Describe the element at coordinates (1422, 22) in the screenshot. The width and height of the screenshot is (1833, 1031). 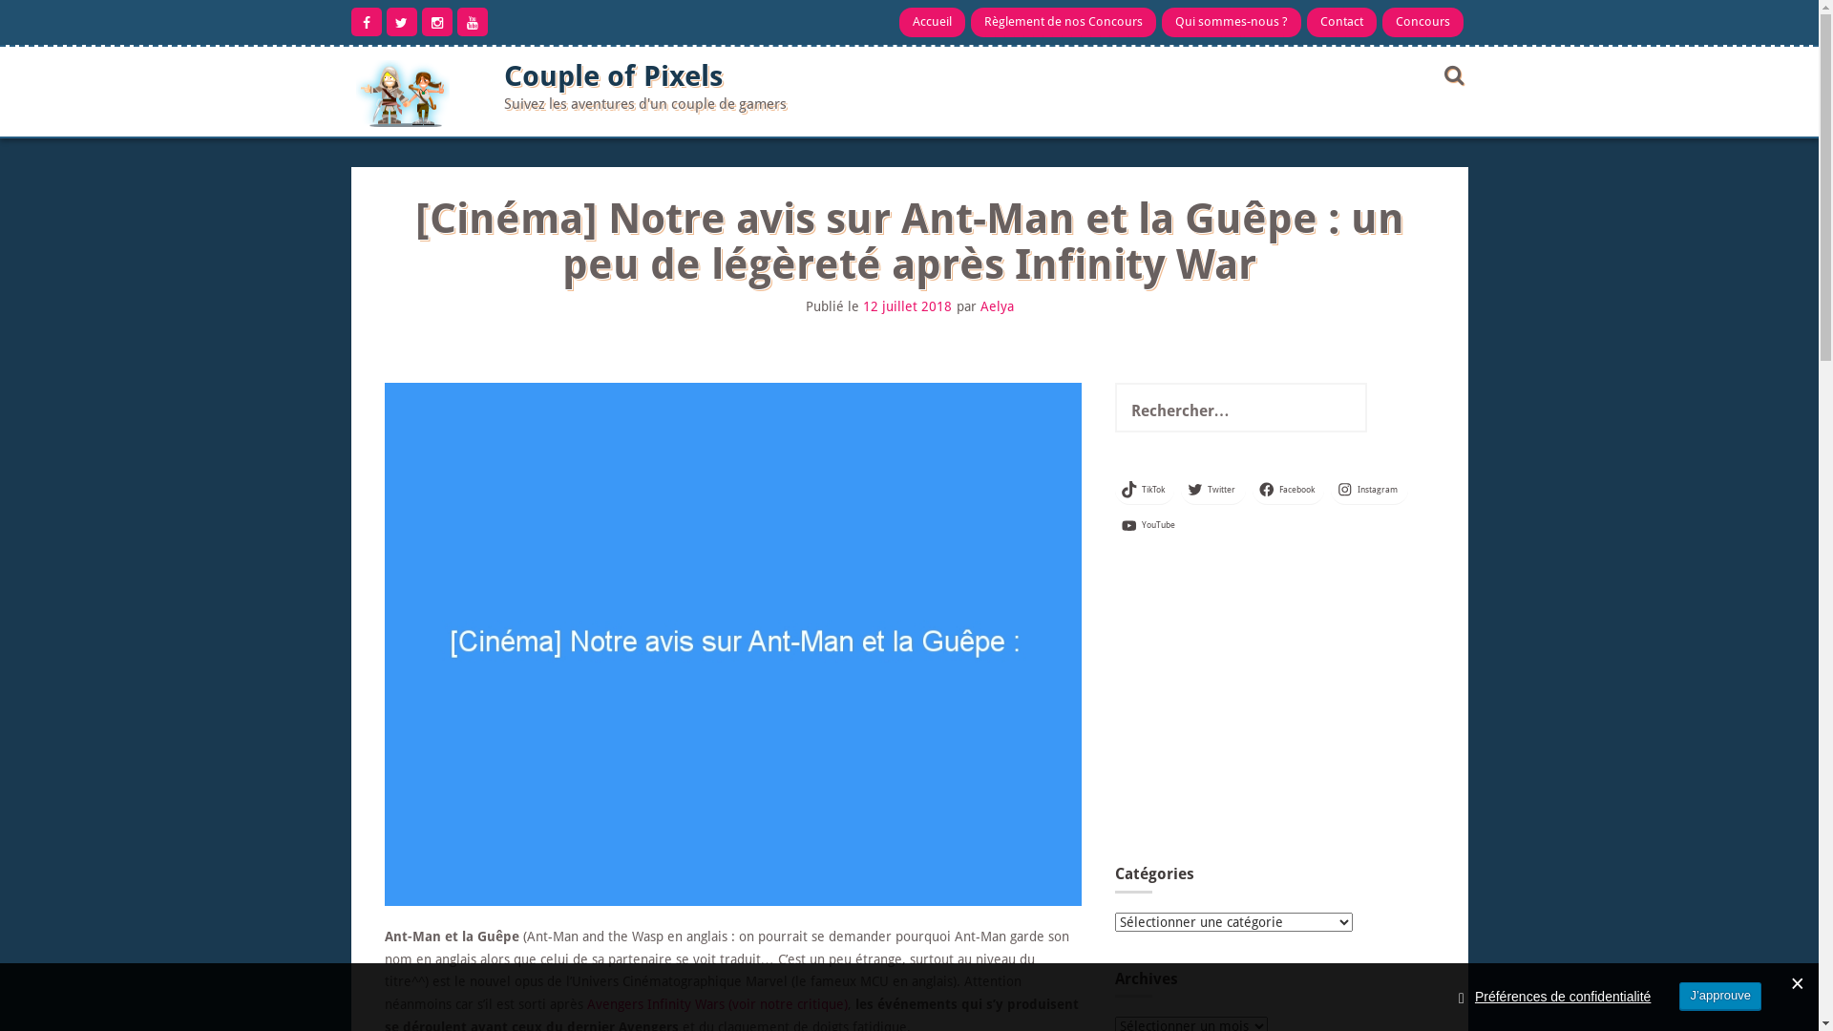
I see `'Concours'` at that location.